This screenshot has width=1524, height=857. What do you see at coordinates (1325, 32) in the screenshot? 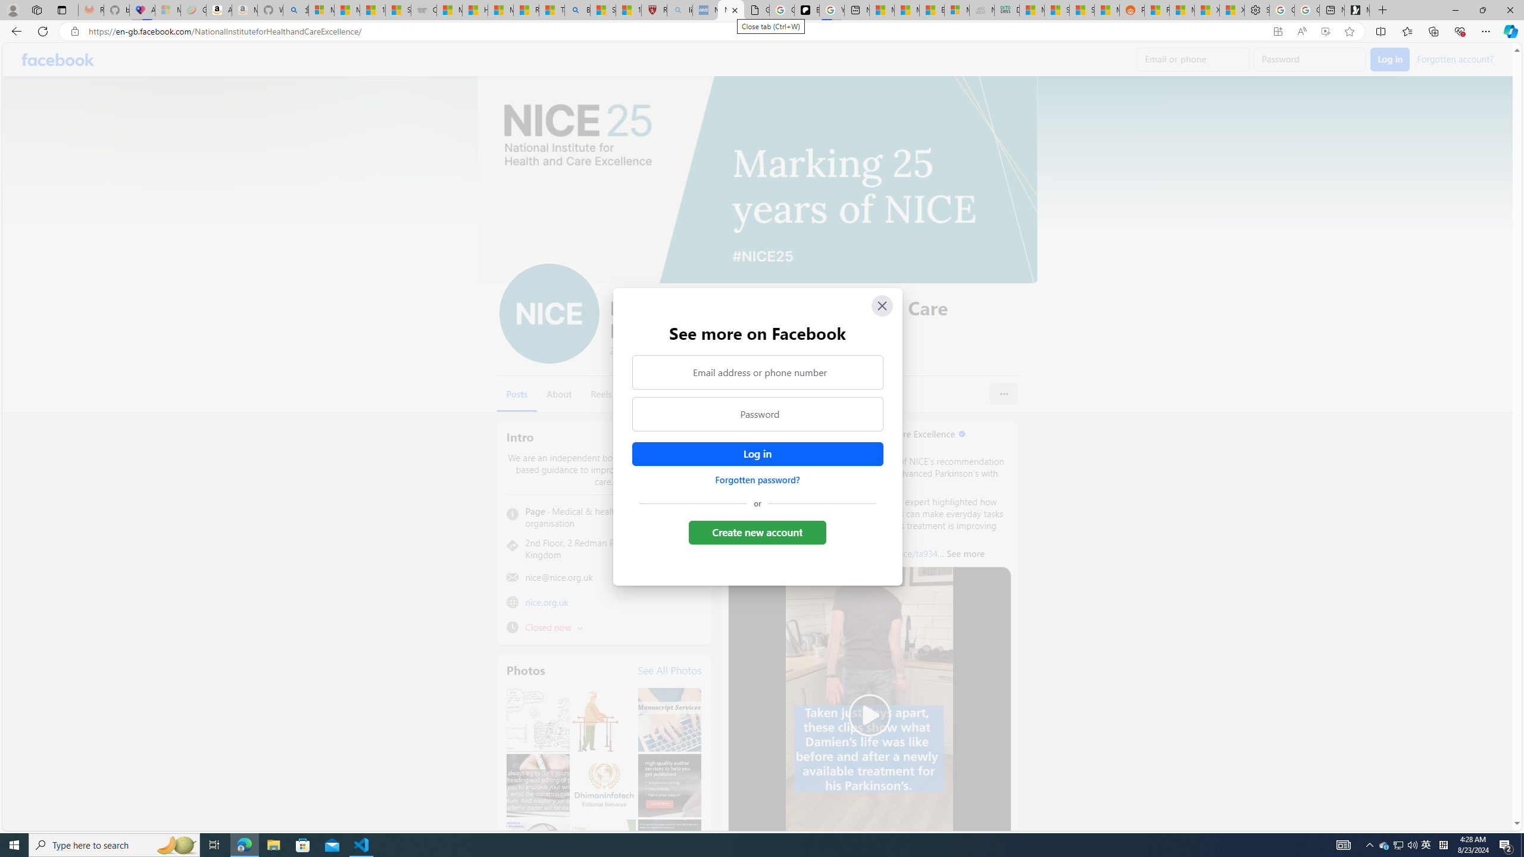
I see `'Enhance video'` at bounding box center [1325, 32].